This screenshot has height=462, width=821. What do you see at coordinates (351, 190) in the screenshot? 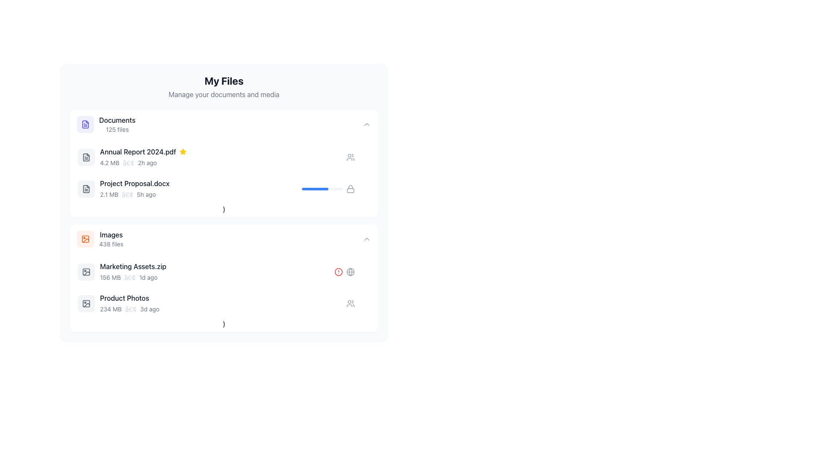
I see `the rectangular component of the lock icon representing file security for the 'Project Proposal.docx' entry, located in the upper-right corner of the file entry, to the right of the blue progress bar` at bounding box center [351, 190].